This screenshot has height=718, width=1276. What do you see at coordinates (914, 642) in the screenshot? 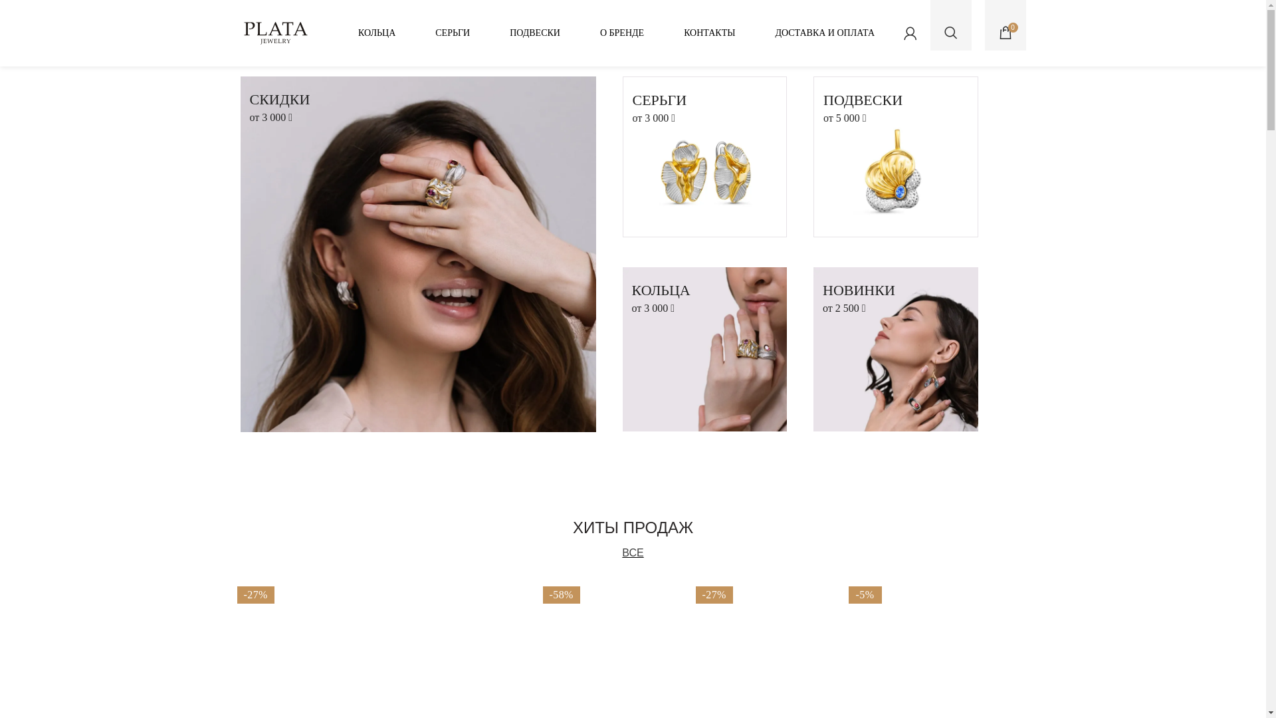
I see `'-5%'` at bounding box center [914, 642].